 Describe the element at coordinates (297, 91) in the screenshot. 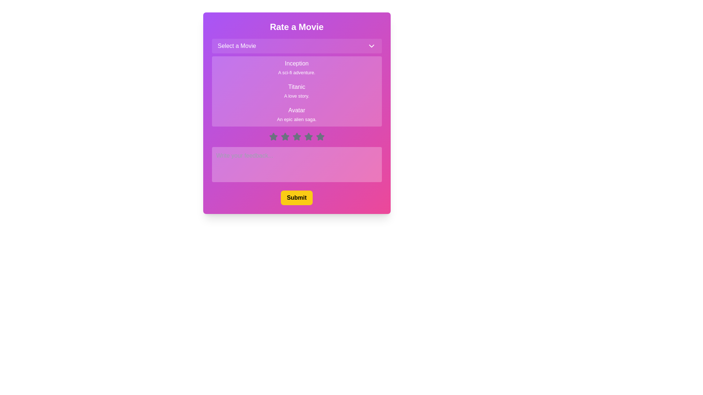

I see `the movie label in the vertically arranged list of movie names and descriptions` at that location.